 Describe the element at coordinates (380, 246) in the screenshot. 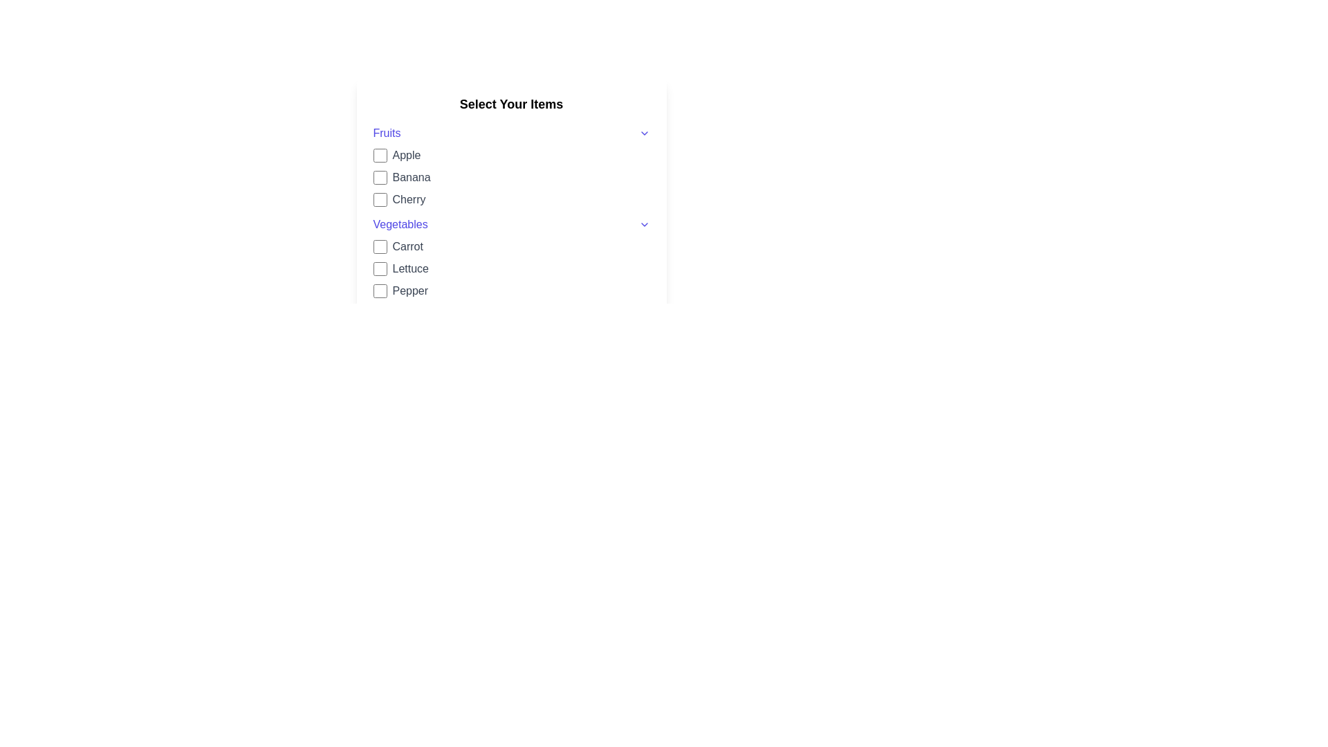

I see `the checkbox for 'Carrot'` at that location.